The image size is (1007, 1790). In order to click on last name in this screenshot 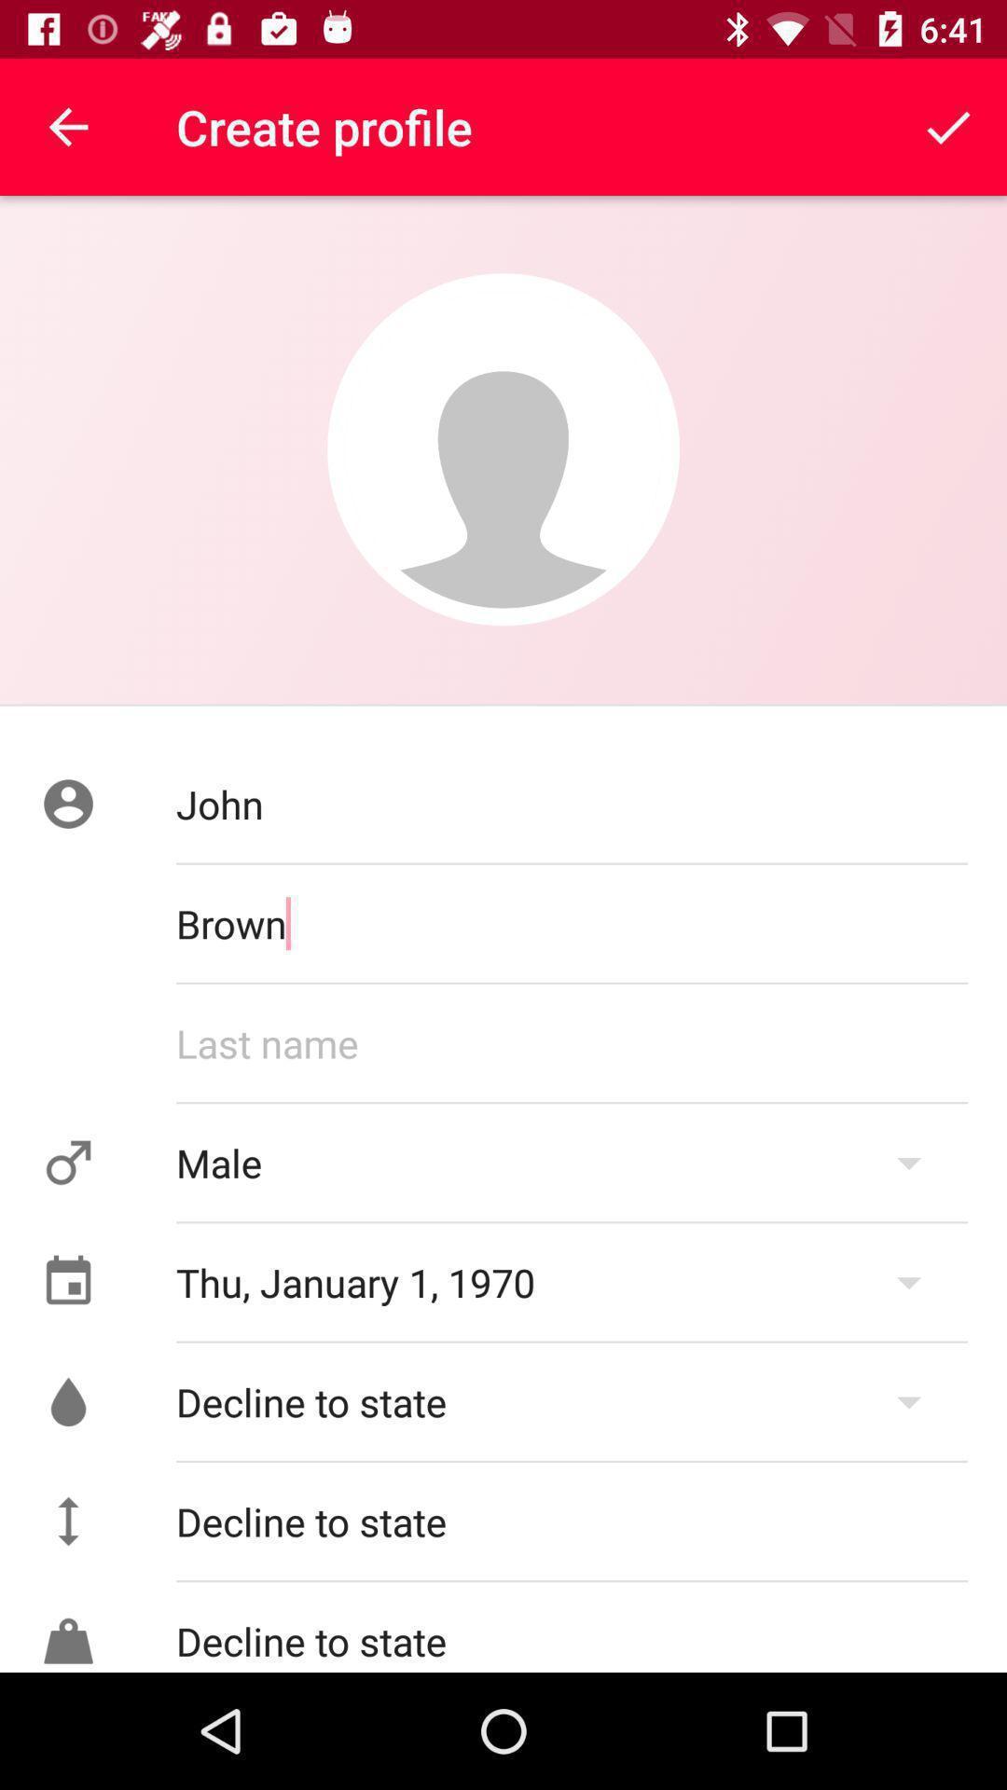, I will do `click(571, 1041)`.